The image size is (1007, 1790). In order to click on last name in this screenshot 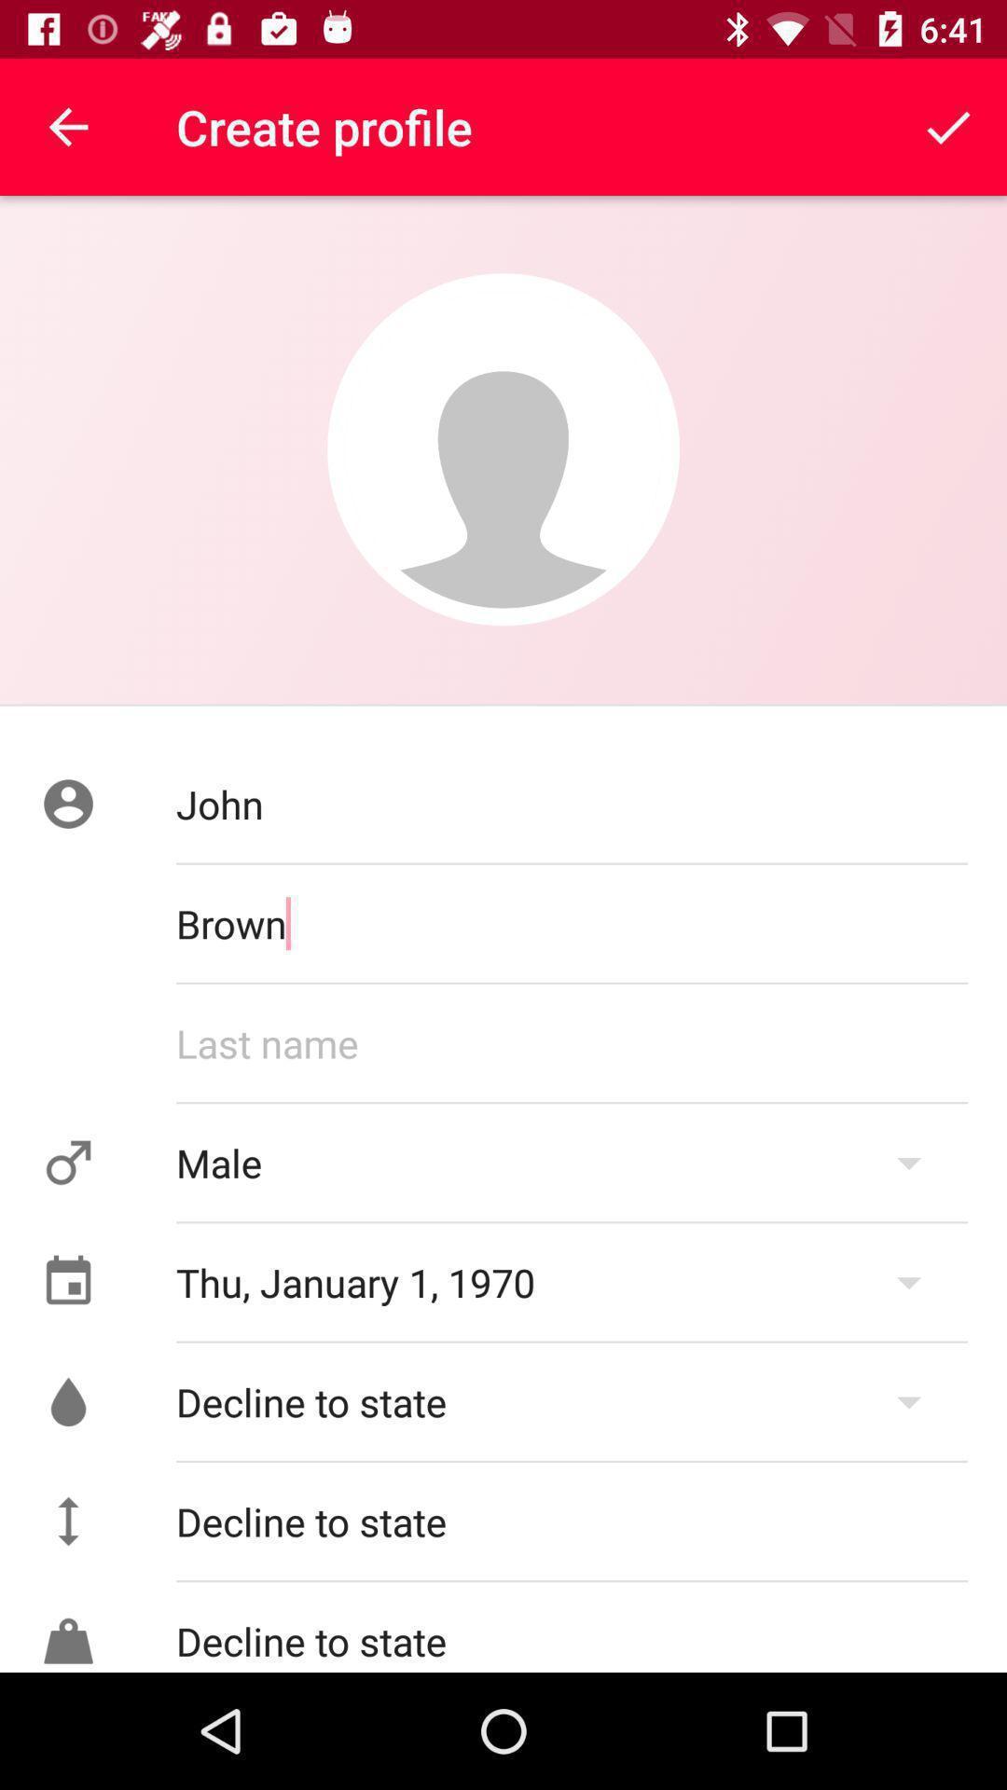, I will do `click(571, 1041)`.